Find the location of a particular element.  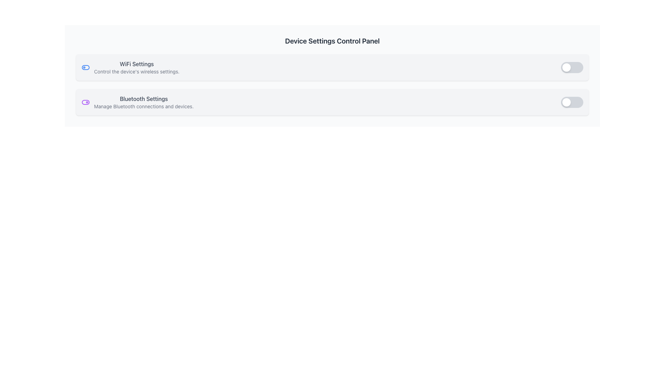

the Text label that provides information or navigational access to manage the wireless settings of the device, located at the top of the interface with an icon to its left and a toggle button to its right is located at coordinates (137, 67).